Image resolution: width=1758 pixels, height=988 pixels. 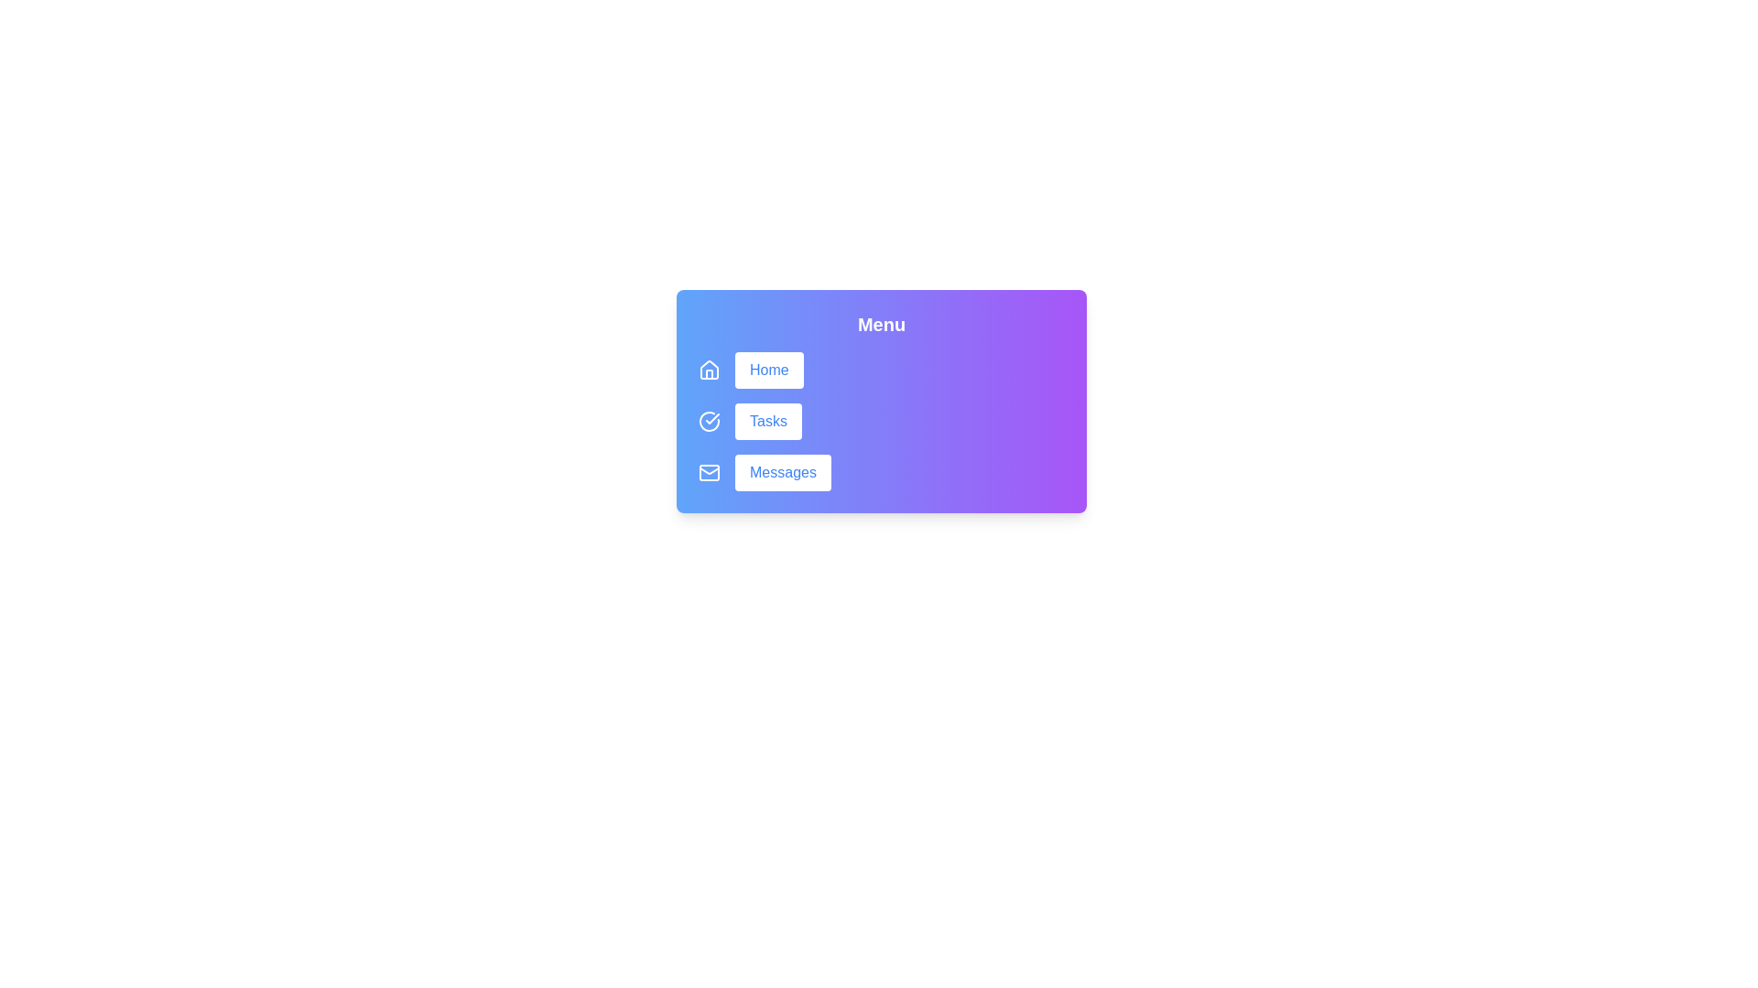 I want to click on the icon beside the Home button, so click(x=708, y=370).